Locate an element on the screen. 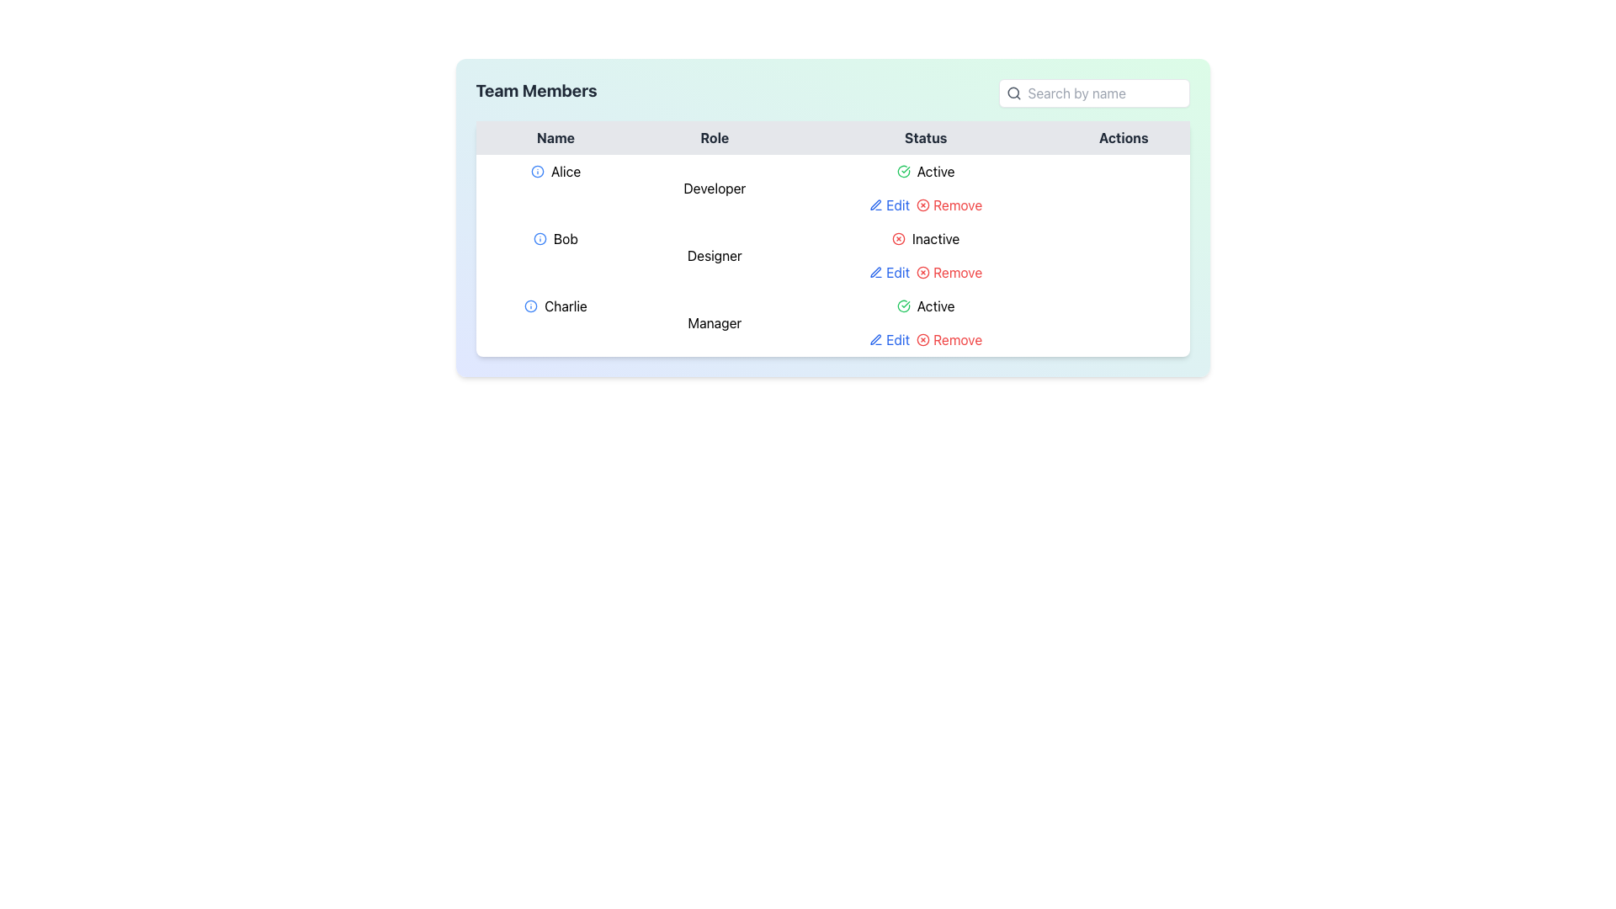  the first row element in the team member table that displays details for 'Alice' is located at coordinates (832, 188).